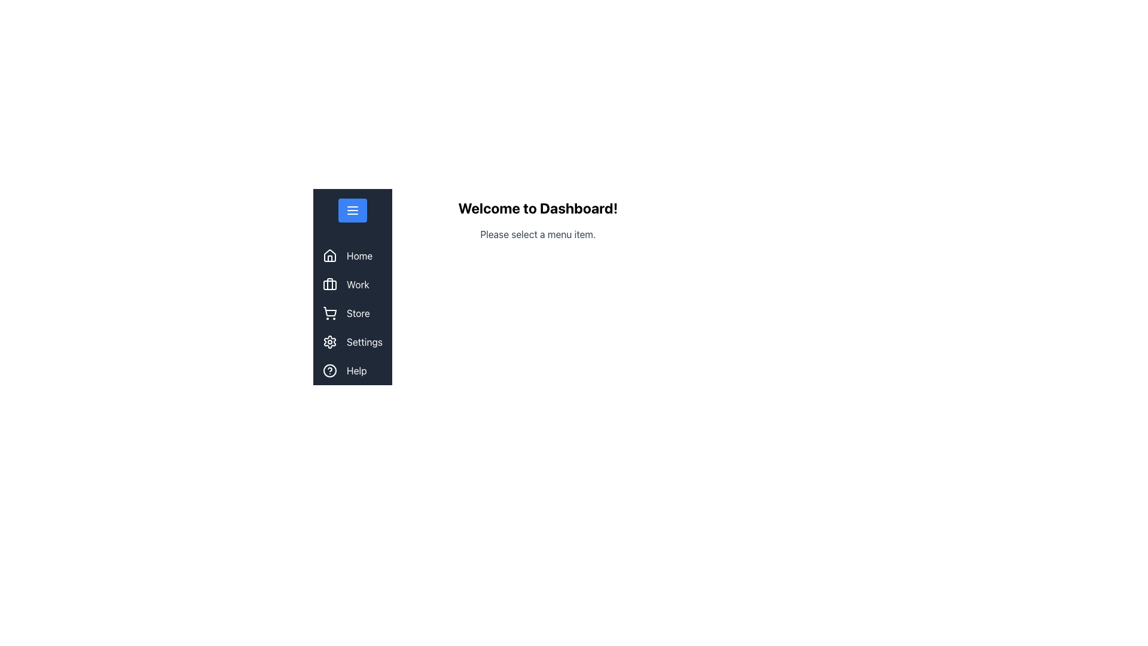 The height and width of the screenshot is (646, 1148). I want to click on the circular graphical component located at the bottom of the side navigation bar, which has a dark background and a white circular border, situated below the 'Settings' item and within the 'Help' option, so click(330, 370).